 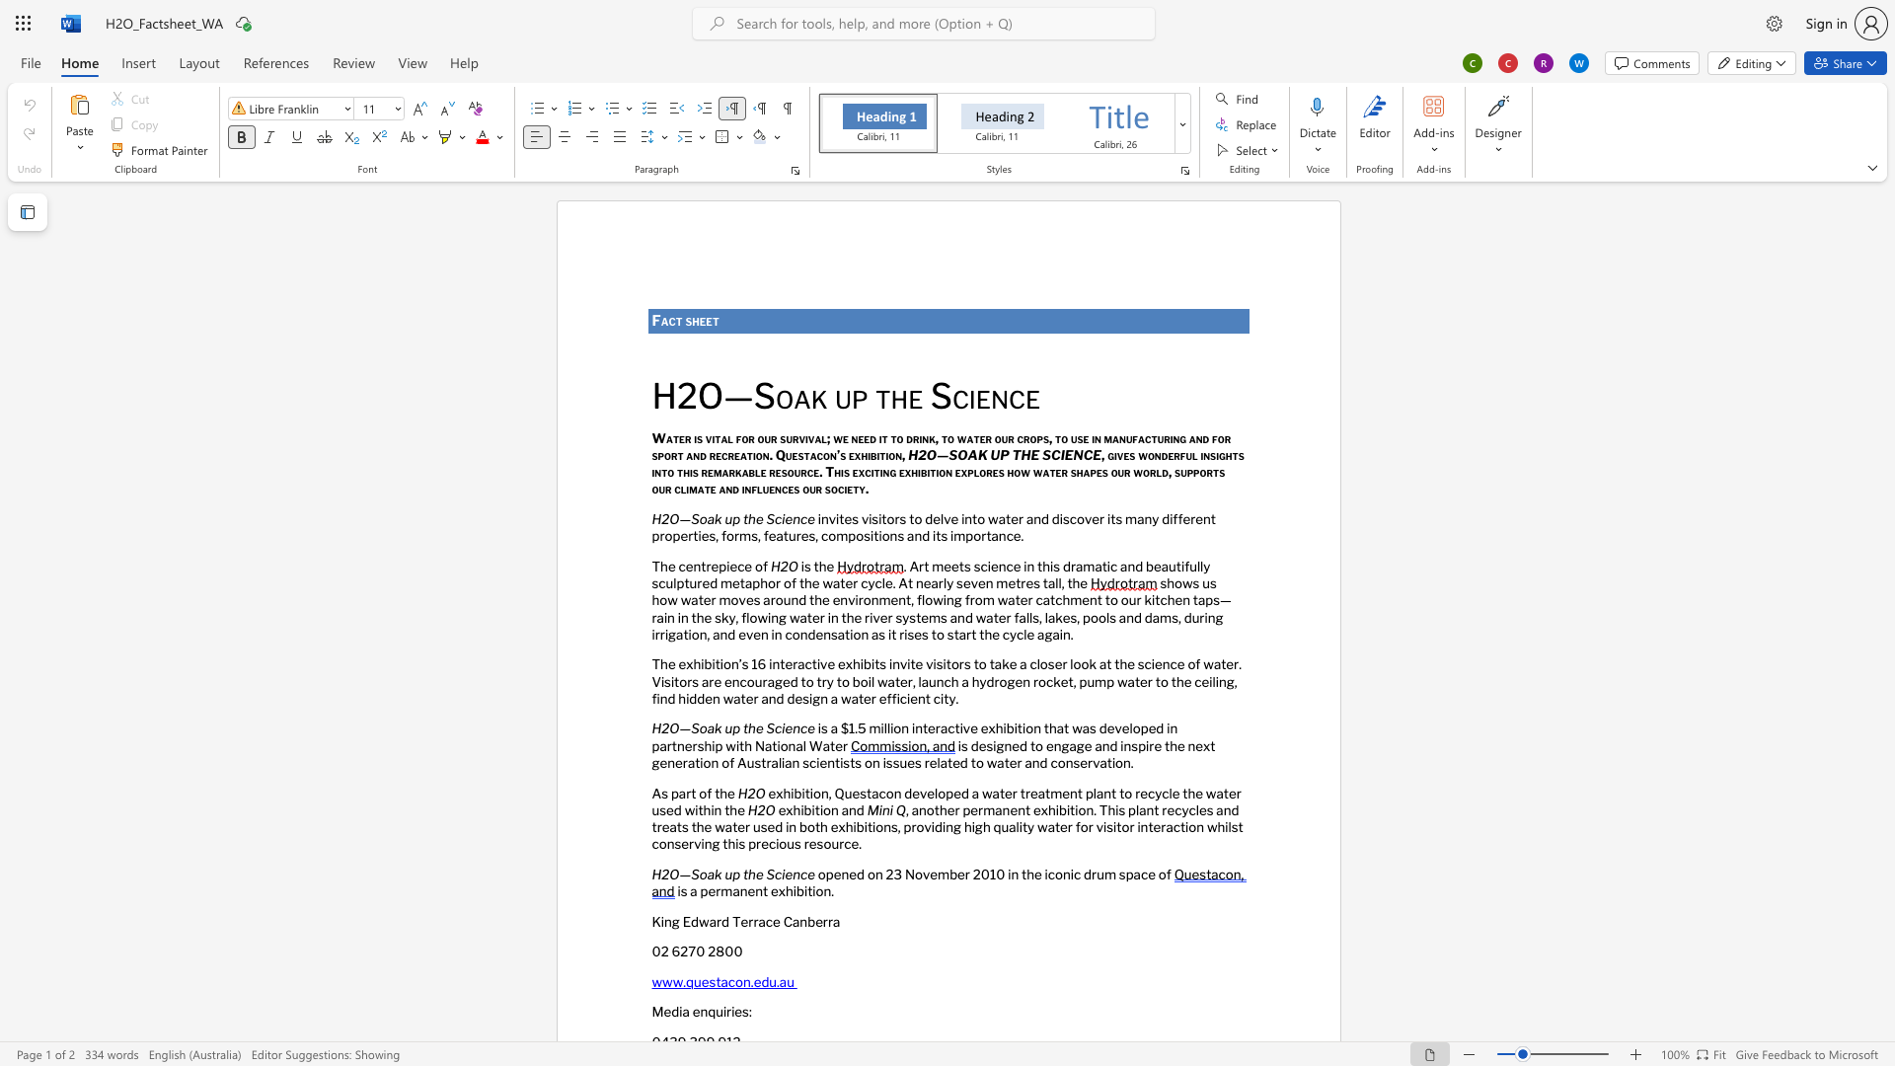 I want to click on the 1th character "a" in the text, so click(x=664, y=320).